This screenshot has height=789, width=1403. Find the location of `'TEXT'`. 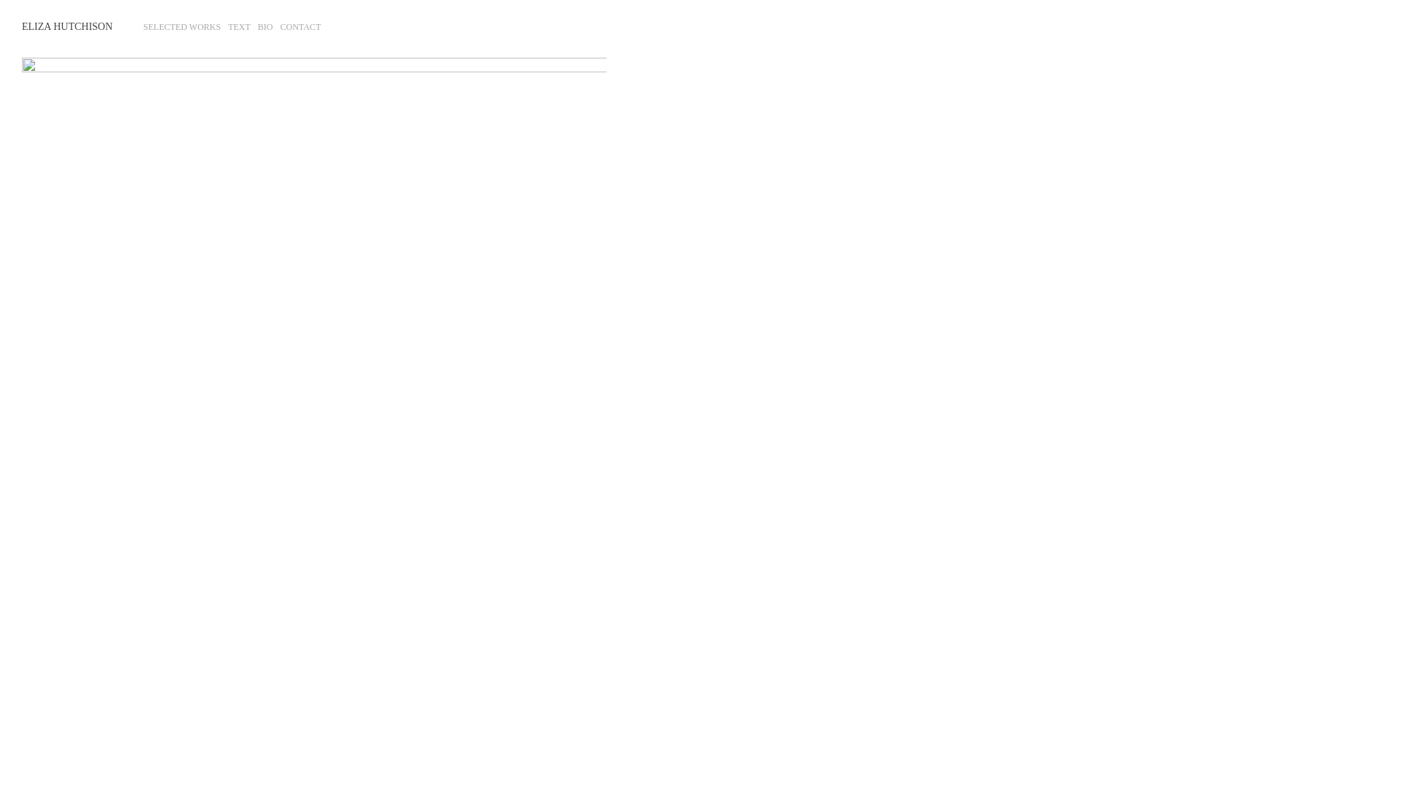

'TEXT' is located at coordinates (239, 27).